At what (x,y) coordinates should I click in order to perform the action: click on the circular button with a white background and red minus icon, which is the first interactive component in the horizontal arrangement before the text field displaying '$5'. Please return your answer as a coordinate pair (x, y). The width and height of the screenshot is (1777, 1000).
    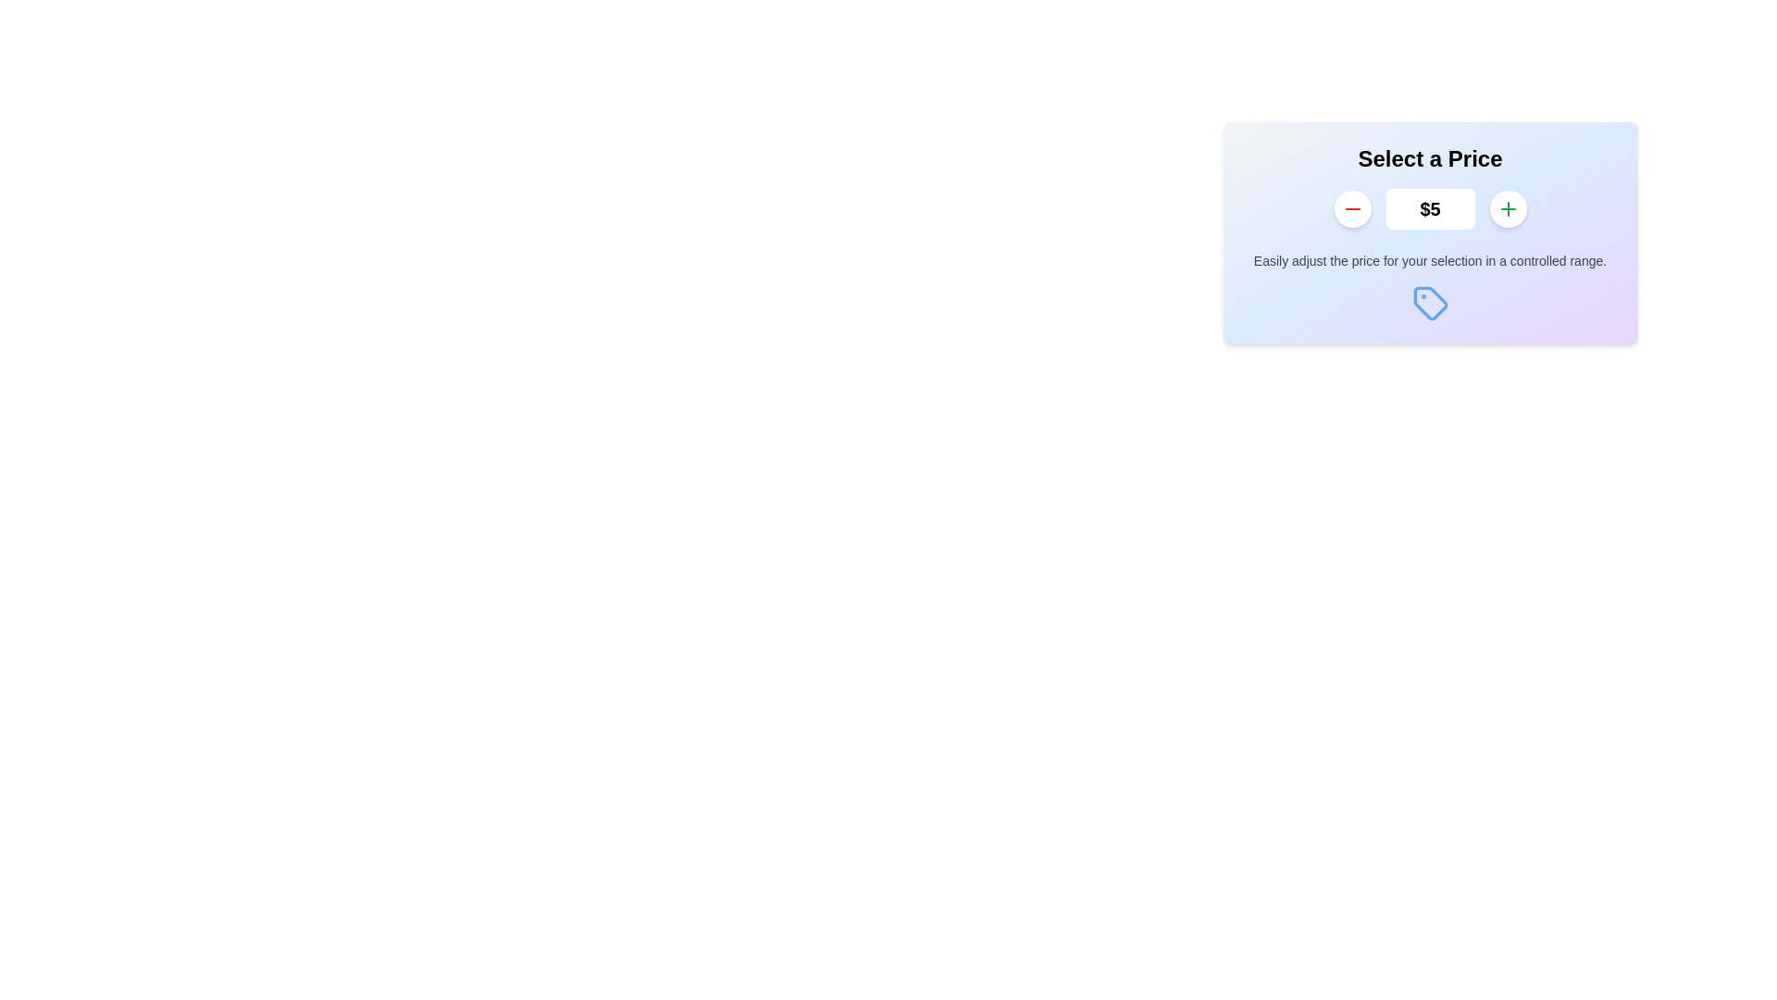
    Looking at the image, I should click on (1352, 208).